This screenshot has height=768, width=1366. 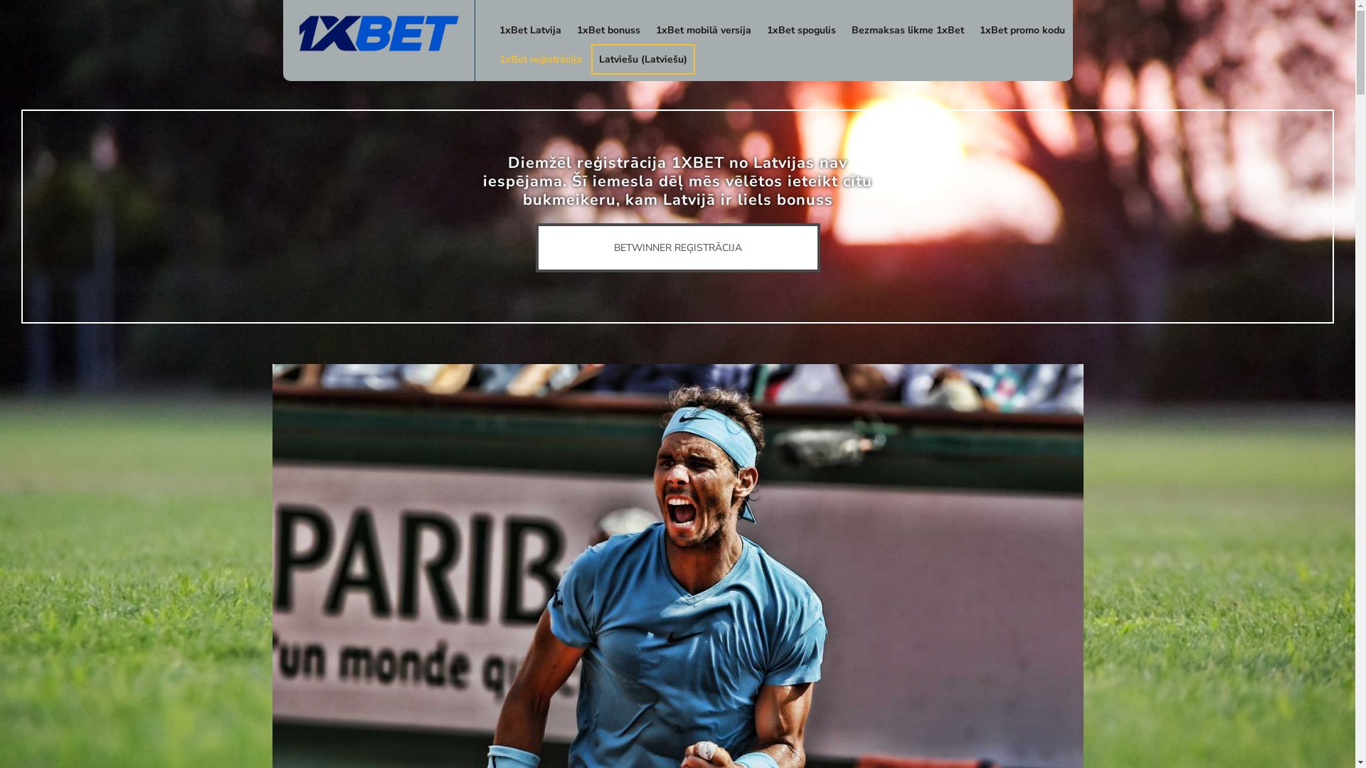 I want to click on '1xBet promo kodu', so click(x=1021, y=30).